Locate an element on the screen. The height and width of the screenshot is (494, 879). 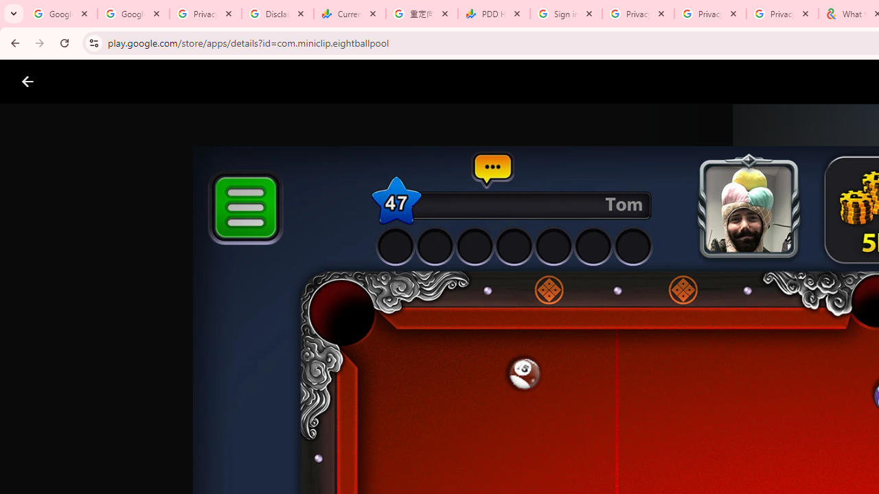
'Close screenshot viewer' is located at coordinates (27, 82).